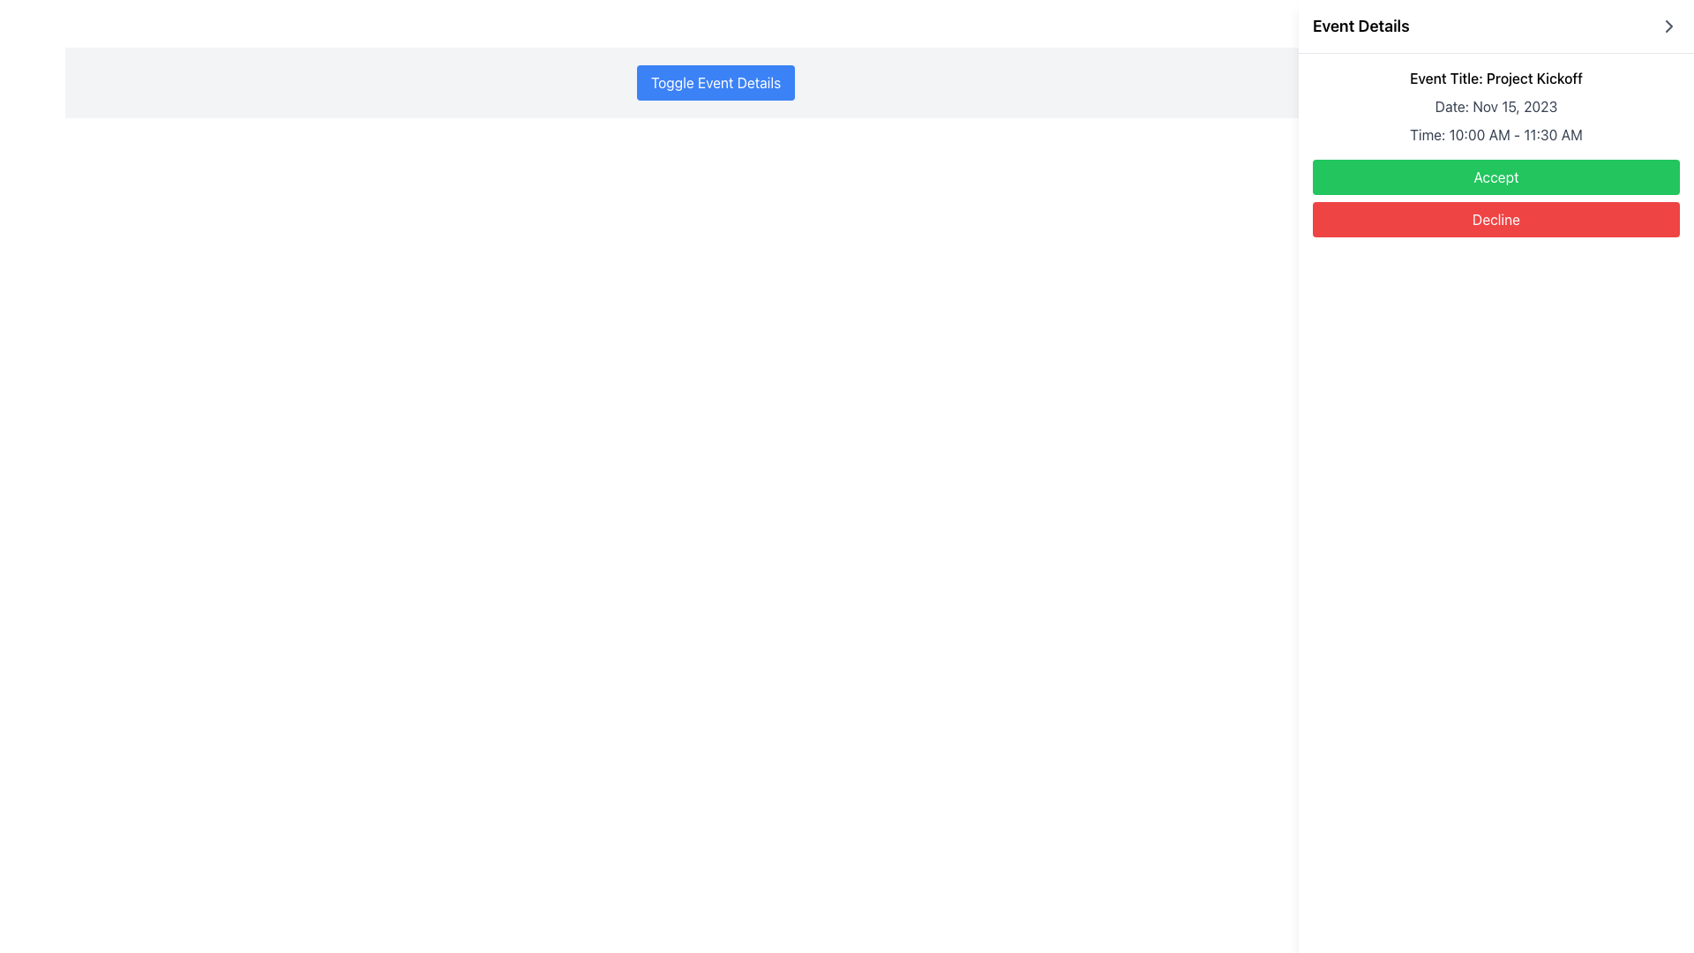 Image resolution: width=1694 pixels, height=953 pixels. I want to click on the right-facing chevron icon button located at the top-right corner of the 'Event Details' panel, adjacent to the panel title text 'Event Details', so click(1668, 26).